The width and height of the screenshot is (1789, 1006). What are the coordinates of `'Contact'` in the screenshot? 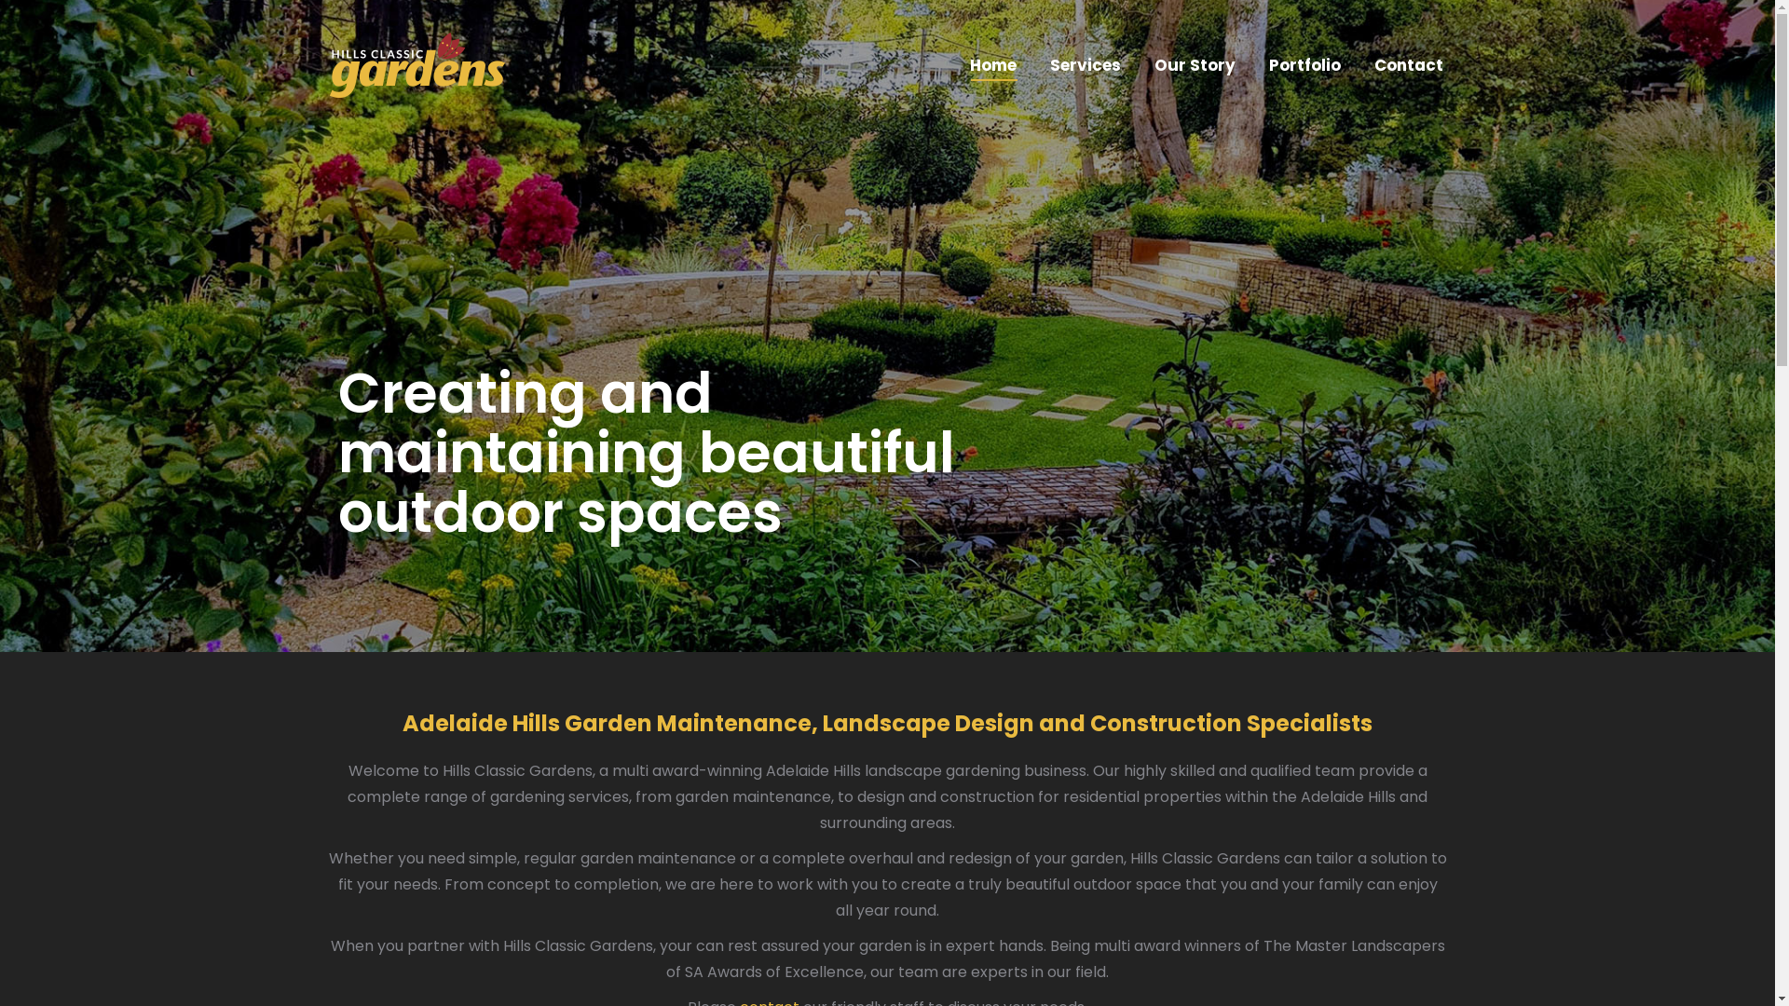 It's located at (1369, 64).